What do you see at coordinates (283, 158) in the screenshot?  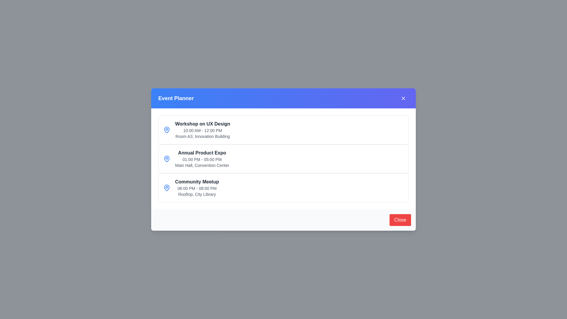 I see `the section corresponding to Annual Product Expo` at bounding box center [283, 158].